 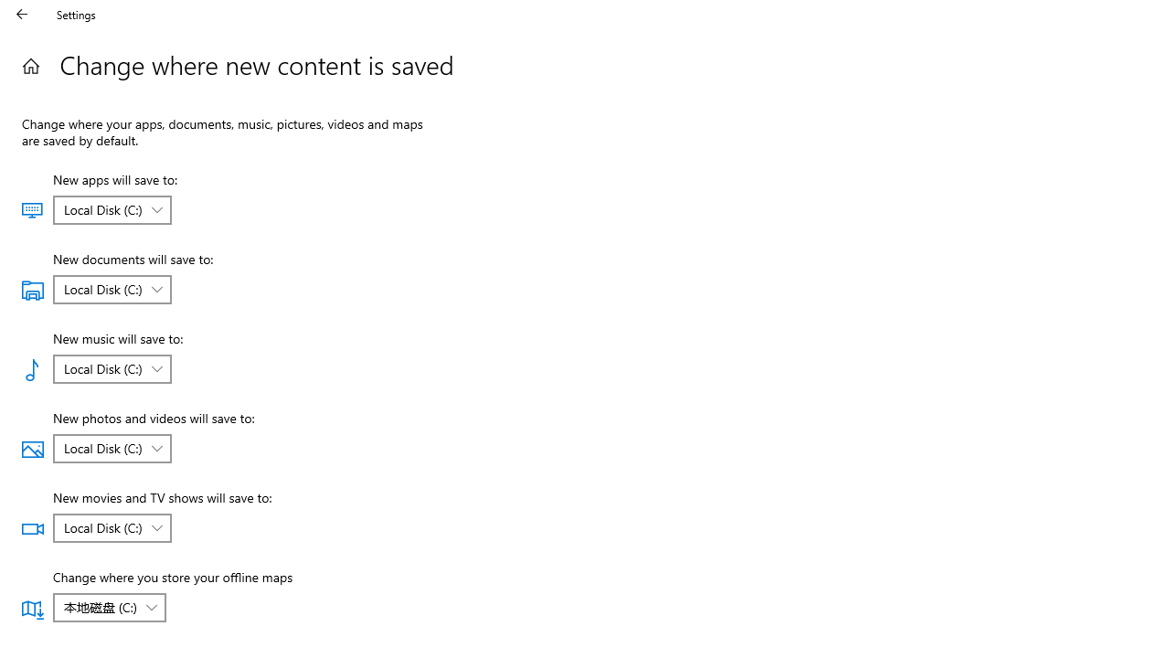 What do you see at coordinates (111, 449) in the screenshot?
I see `'New photos and videos will save to:'` at bounding box center [111, 449].